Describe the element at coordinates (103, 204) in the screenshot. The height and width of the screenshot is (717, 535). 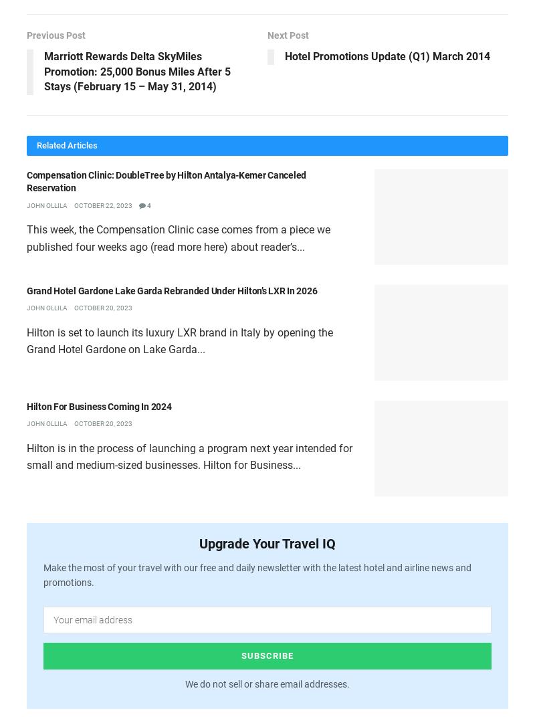
I see `'October 22, 2023'` at that location.